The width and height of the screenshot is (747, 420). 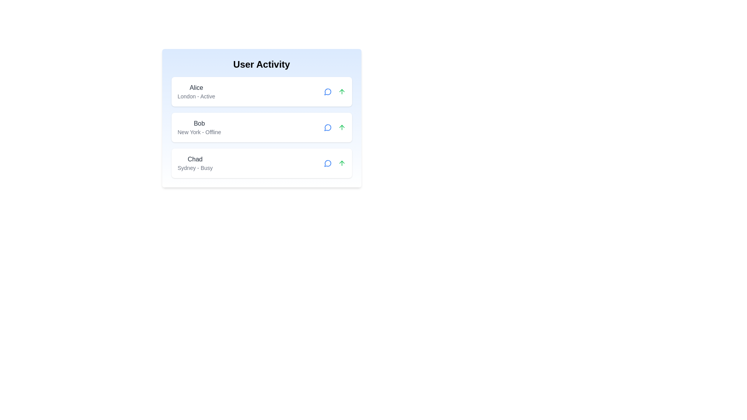 What do you see at coordinates (342, 163) in the screenshot?
I see `the arrow button for user Chad` at bounding box center [342, 163].